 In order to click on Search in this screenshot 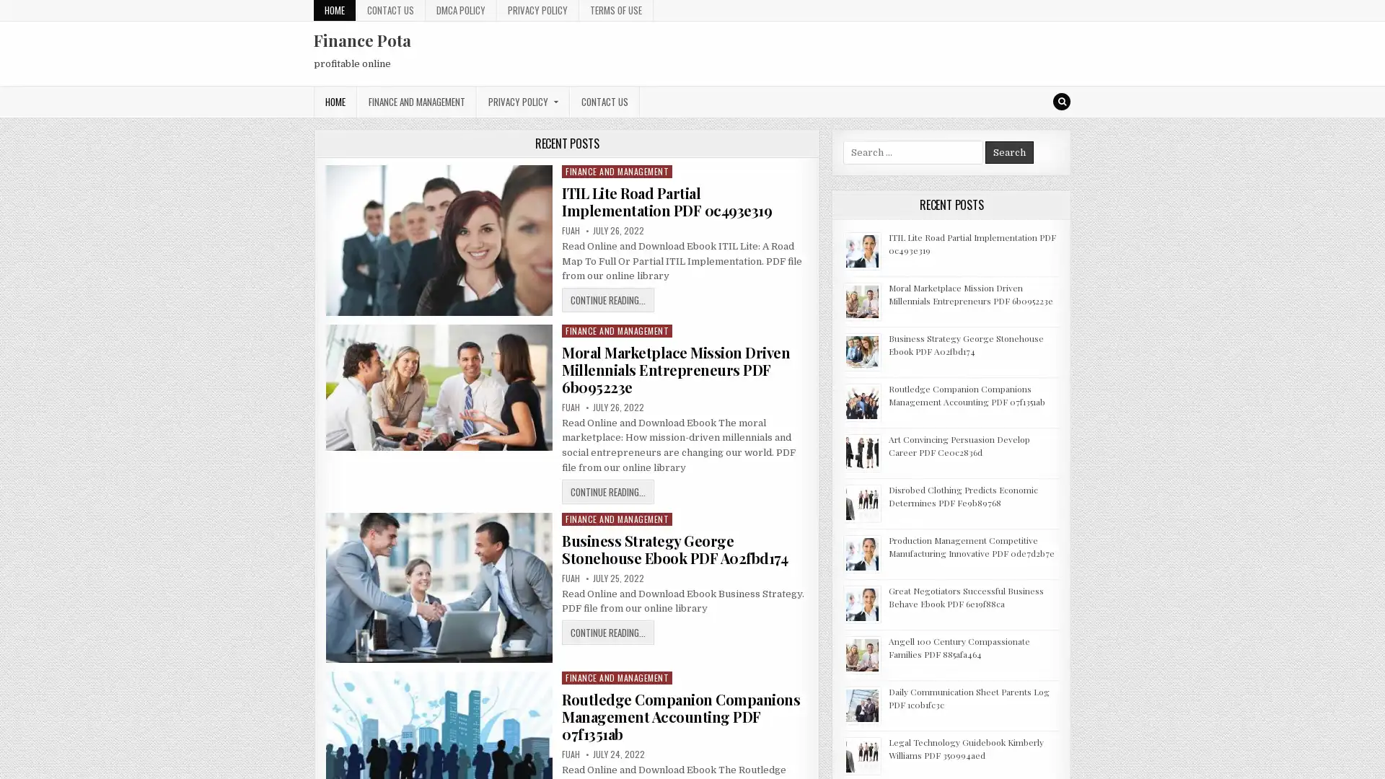, I will do `click(1008, 152)`.